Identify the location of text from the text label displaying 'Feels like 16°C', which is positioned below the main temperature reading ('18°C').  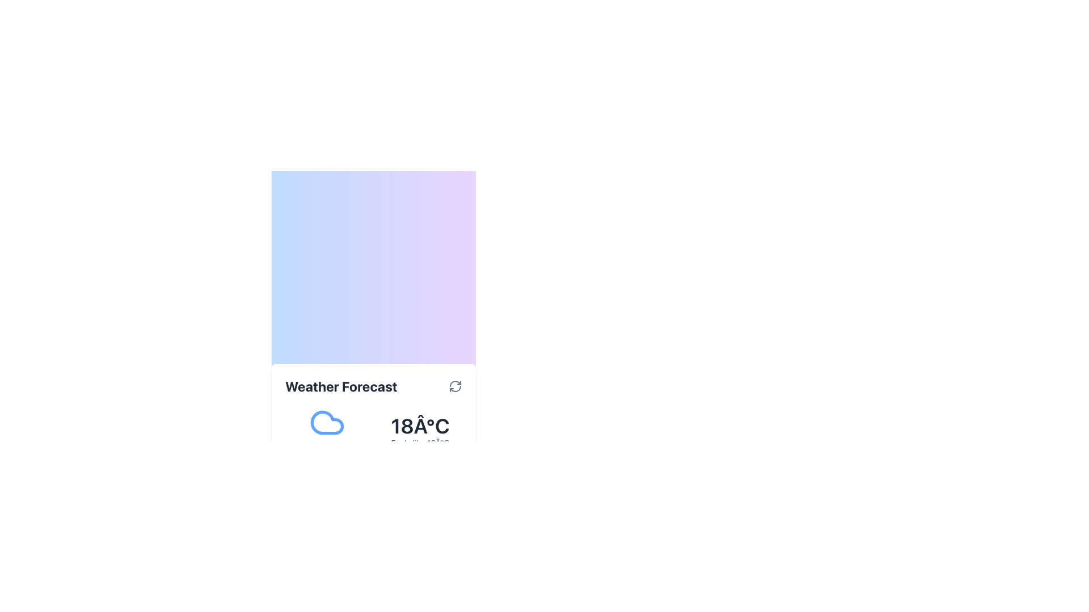
(419, 443).